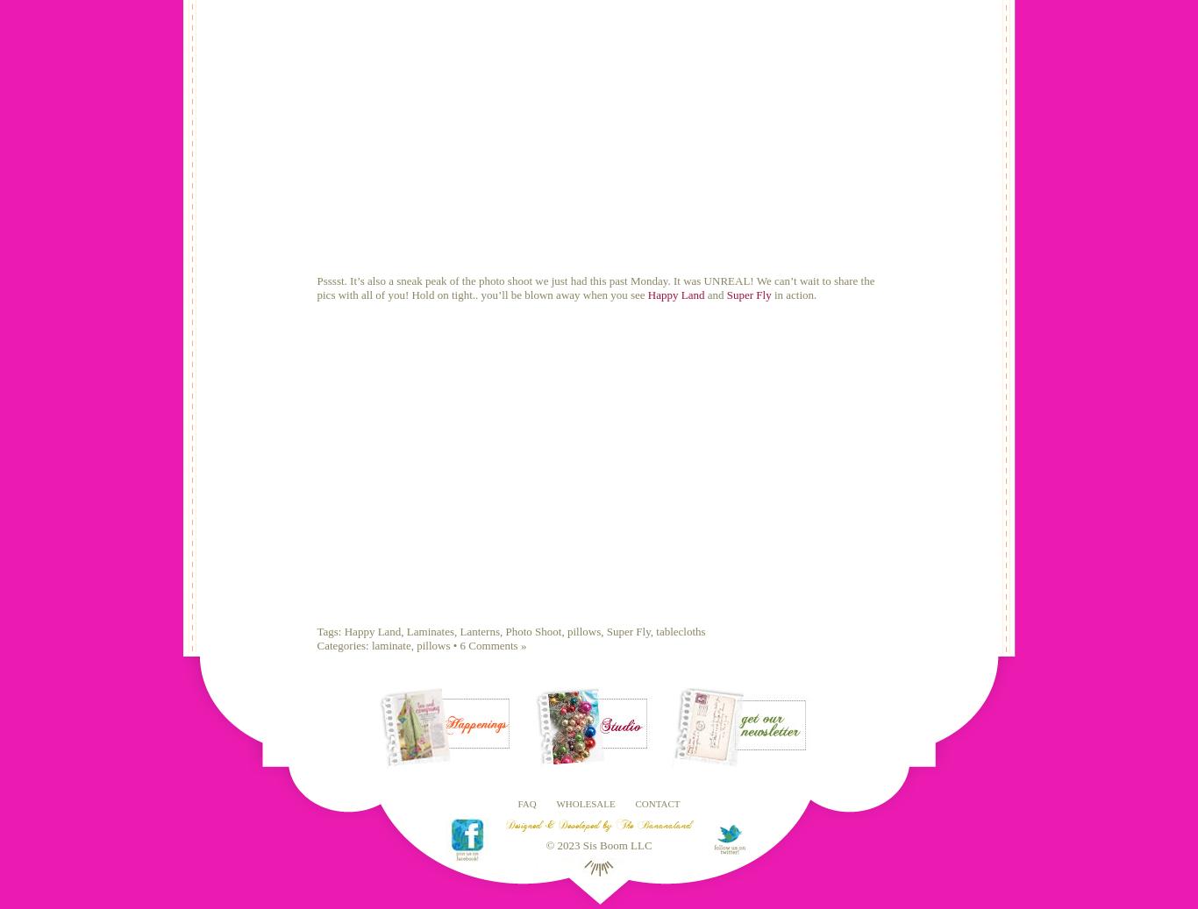 The image size is (1198, 909). What do you see at coordinates (329, 630) in the screenshot?
I see `'Tags:'` at bounding box center [329, 630].